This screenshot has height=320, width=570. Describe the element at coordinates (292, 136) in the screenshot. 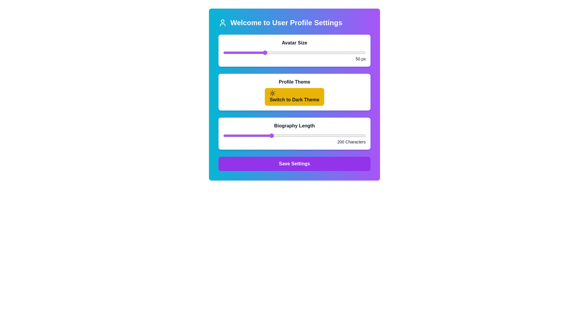

I see `the biography length slider` at that location.